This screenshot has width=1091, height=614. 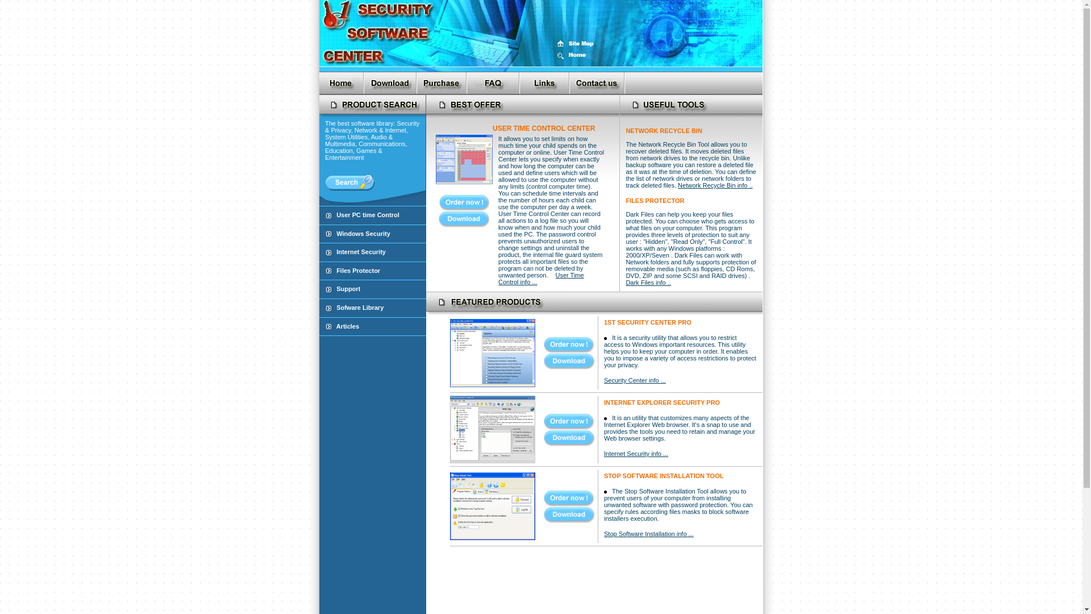 I want to click on 'User PC time Control', so click(x=368, y=215).